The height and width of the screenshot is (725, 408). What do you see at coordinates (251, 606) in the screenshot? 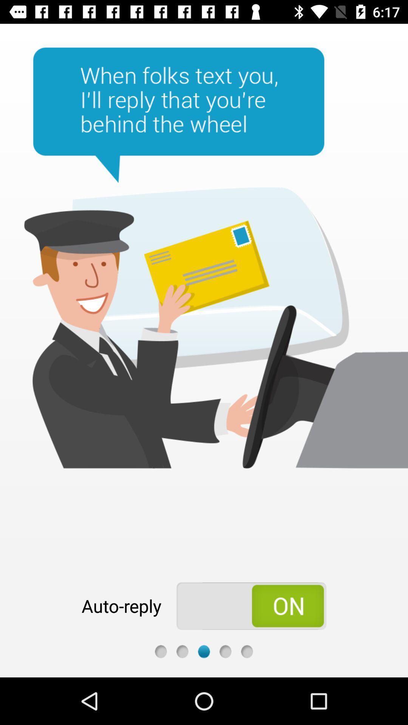
I see `auto-reply option` at bounding box center [251, 606].